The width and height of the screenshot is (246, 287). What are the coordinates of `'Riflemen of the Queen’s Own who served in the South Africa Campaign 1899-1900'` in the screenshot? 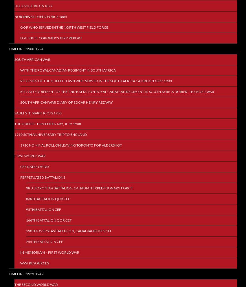 It's located at (96, 81).